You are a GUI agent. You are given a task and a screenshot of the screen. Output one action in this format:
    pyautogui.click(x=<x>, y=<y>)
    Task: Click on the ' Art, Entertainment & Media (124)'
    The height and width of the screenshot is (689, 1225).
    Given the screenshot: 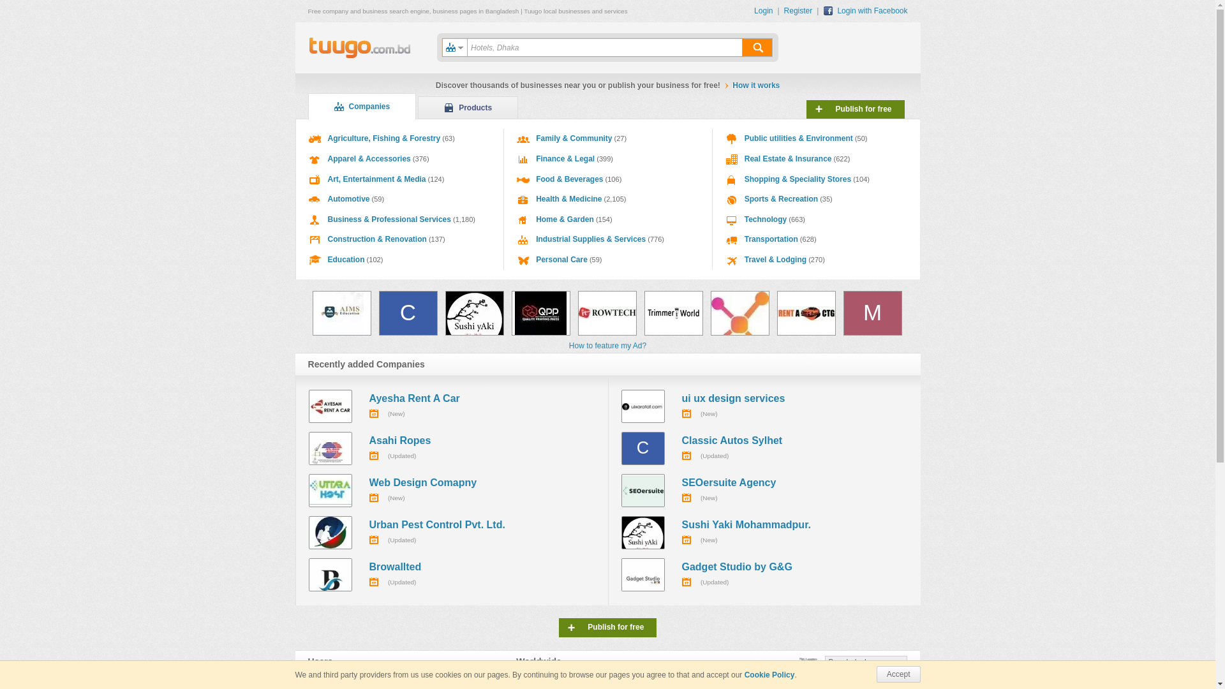 What is the action you would take?
    pyautogui.click(x=399, y=179)
    